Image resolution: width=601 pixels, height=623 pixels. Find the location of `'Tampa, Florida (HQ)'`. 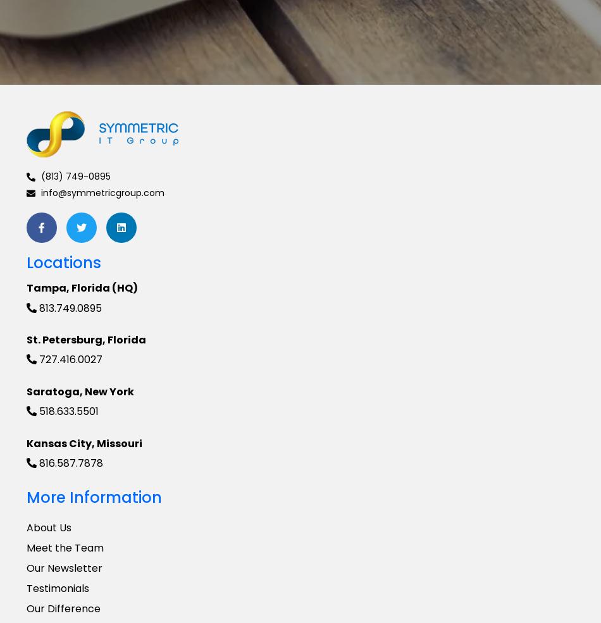

'Tampa, Florida (HQ)' is located at coordinates (82, 287).